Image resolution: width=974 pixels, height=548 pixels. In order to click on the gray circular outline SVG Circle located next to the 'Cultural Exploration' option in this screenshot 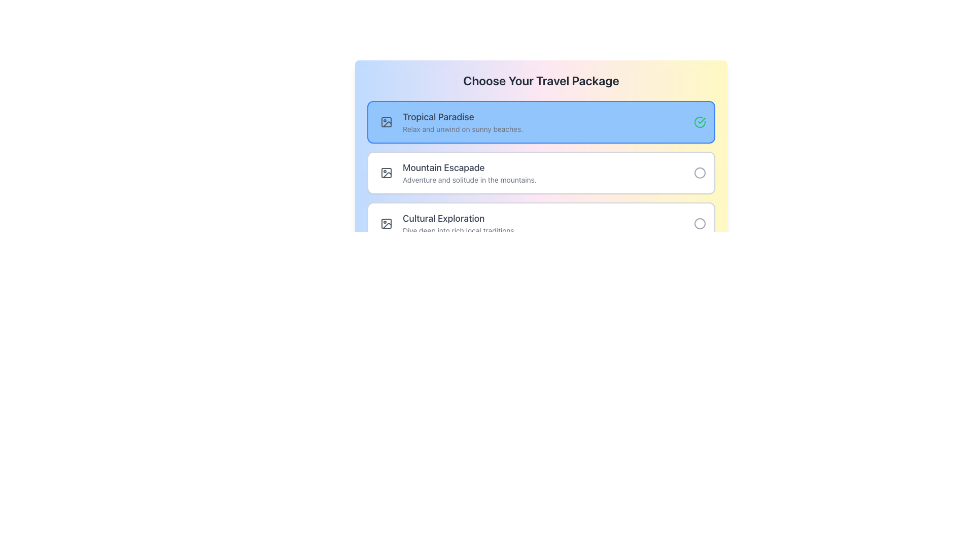, I will do `click(700, 223)`.